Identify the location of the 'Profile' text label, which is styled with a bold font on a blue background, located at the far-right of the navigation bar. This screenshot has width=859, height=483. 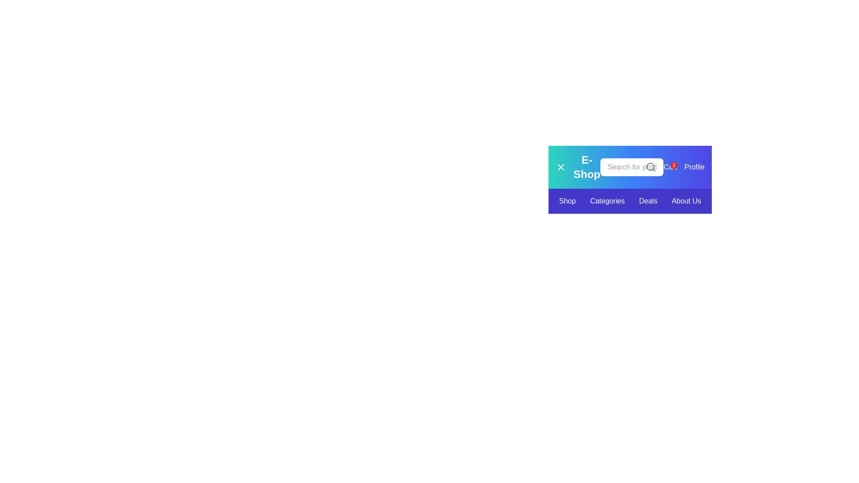
(694, 167).